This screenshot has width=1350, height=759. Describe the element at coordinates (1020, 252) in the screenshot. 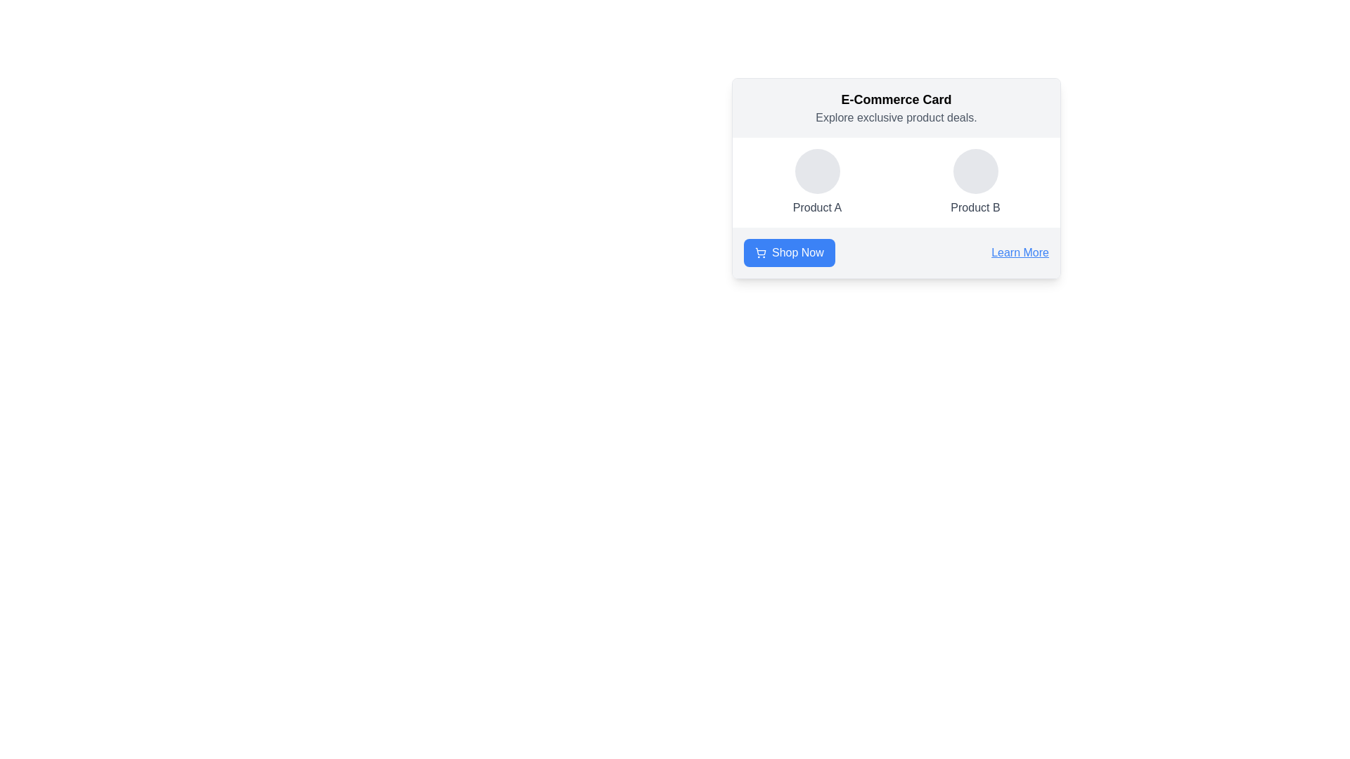

I see `the 'Learn More' hyperlink styled in blue color and underlined, located at the bottom right corner of the e-commerce features section` at that location.